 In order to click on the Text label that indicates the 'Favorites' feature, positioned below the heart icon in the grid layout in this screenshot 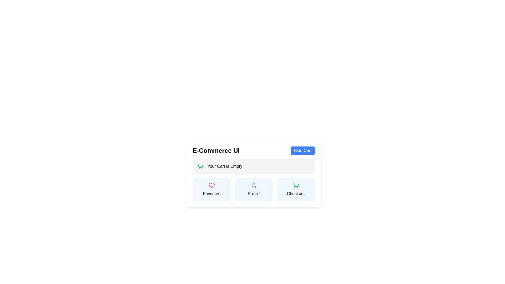, I will do `click(211, 194)`.